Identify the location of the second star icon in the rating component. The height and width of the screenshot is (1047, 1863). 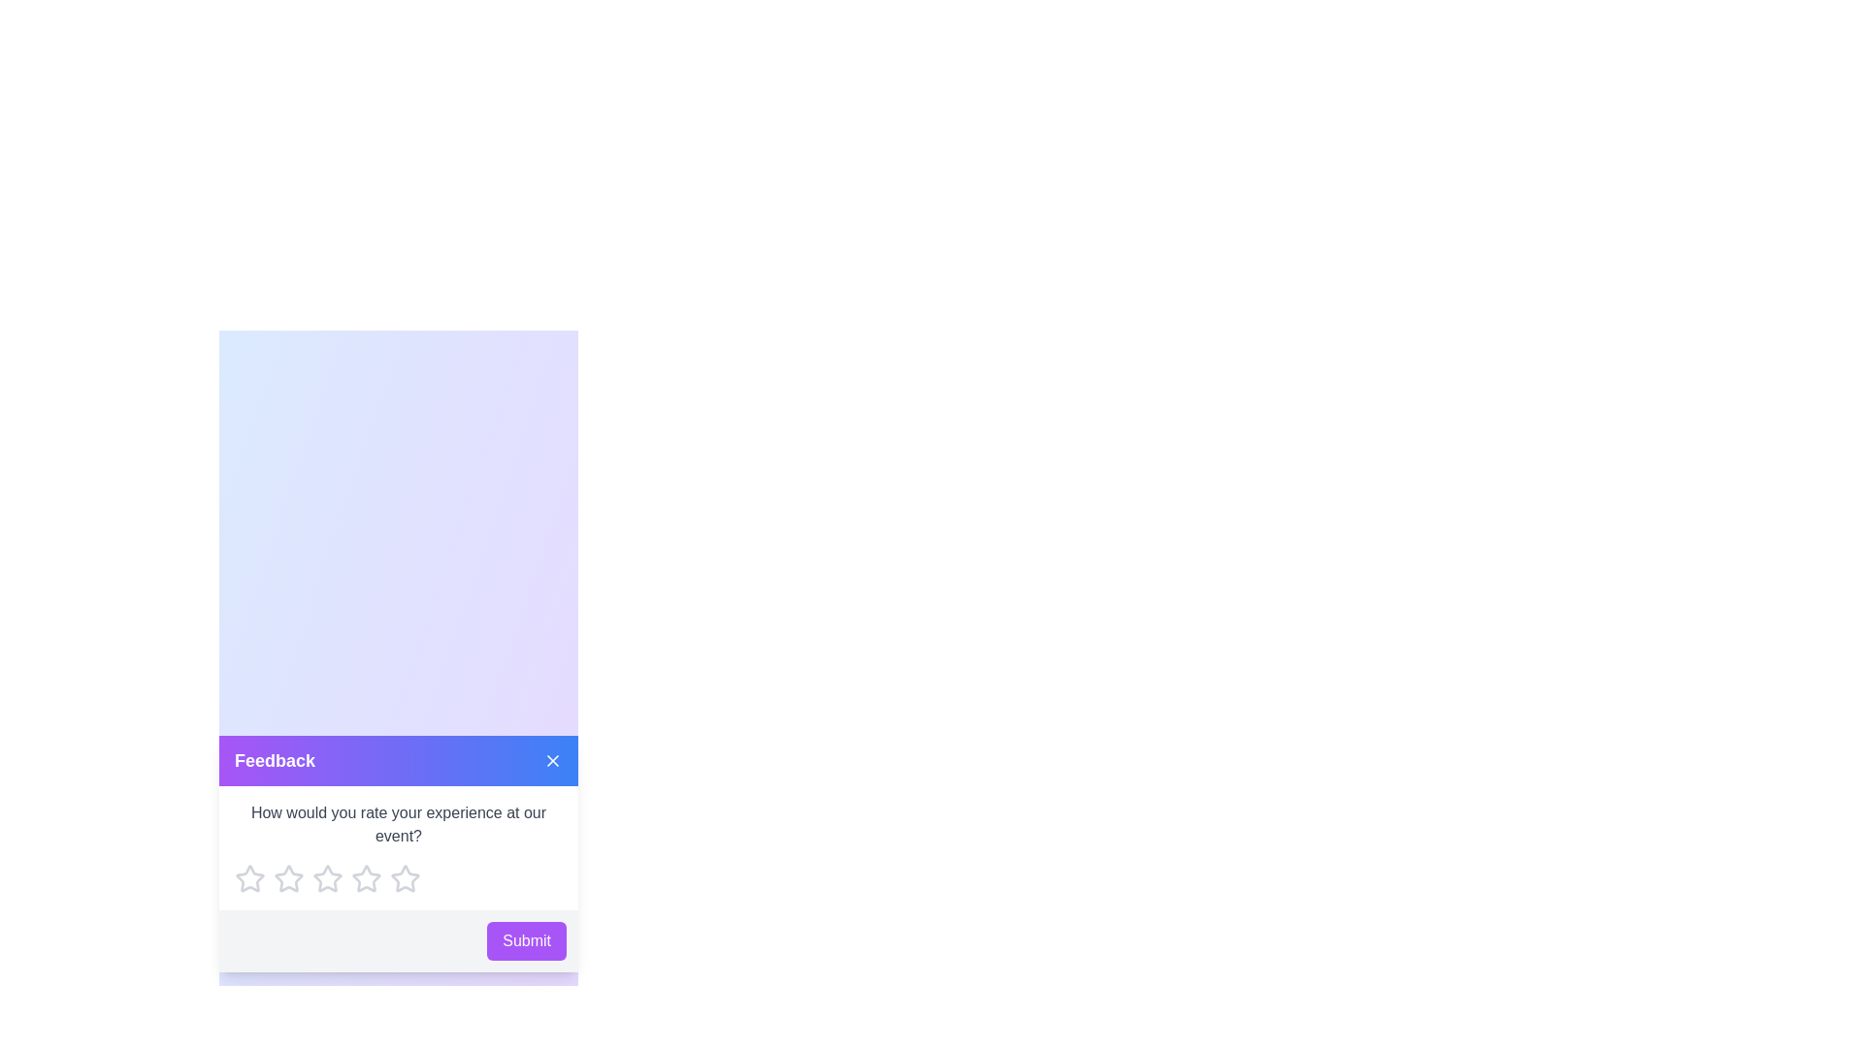
(287, 878).